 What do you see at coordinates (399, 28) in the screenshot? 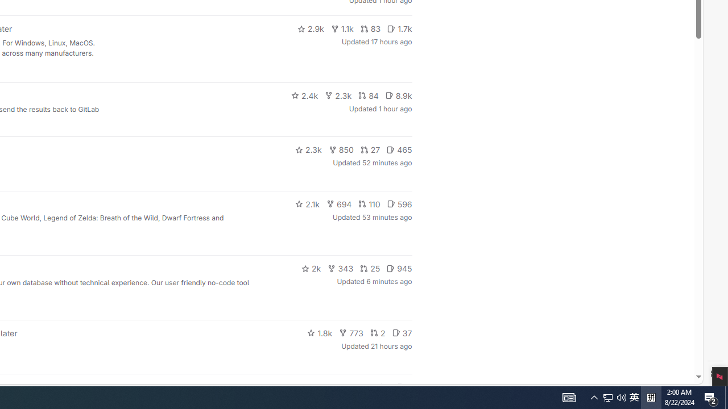
I see `'1.7k'` at bounding box center [399, 28].